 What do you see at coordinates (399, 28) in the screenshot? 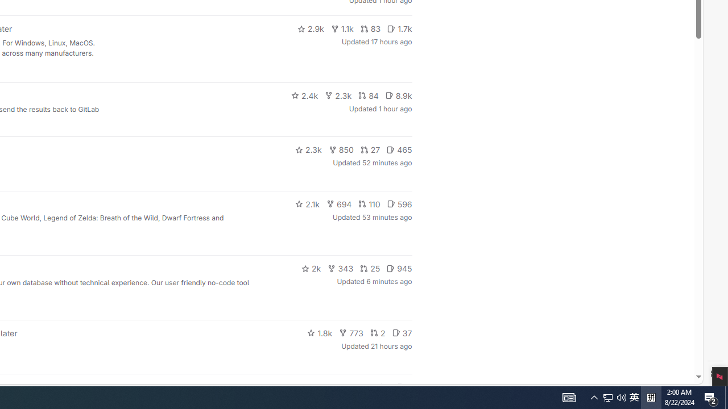
I see `'1.7k'` at bounding box center [399, 28].